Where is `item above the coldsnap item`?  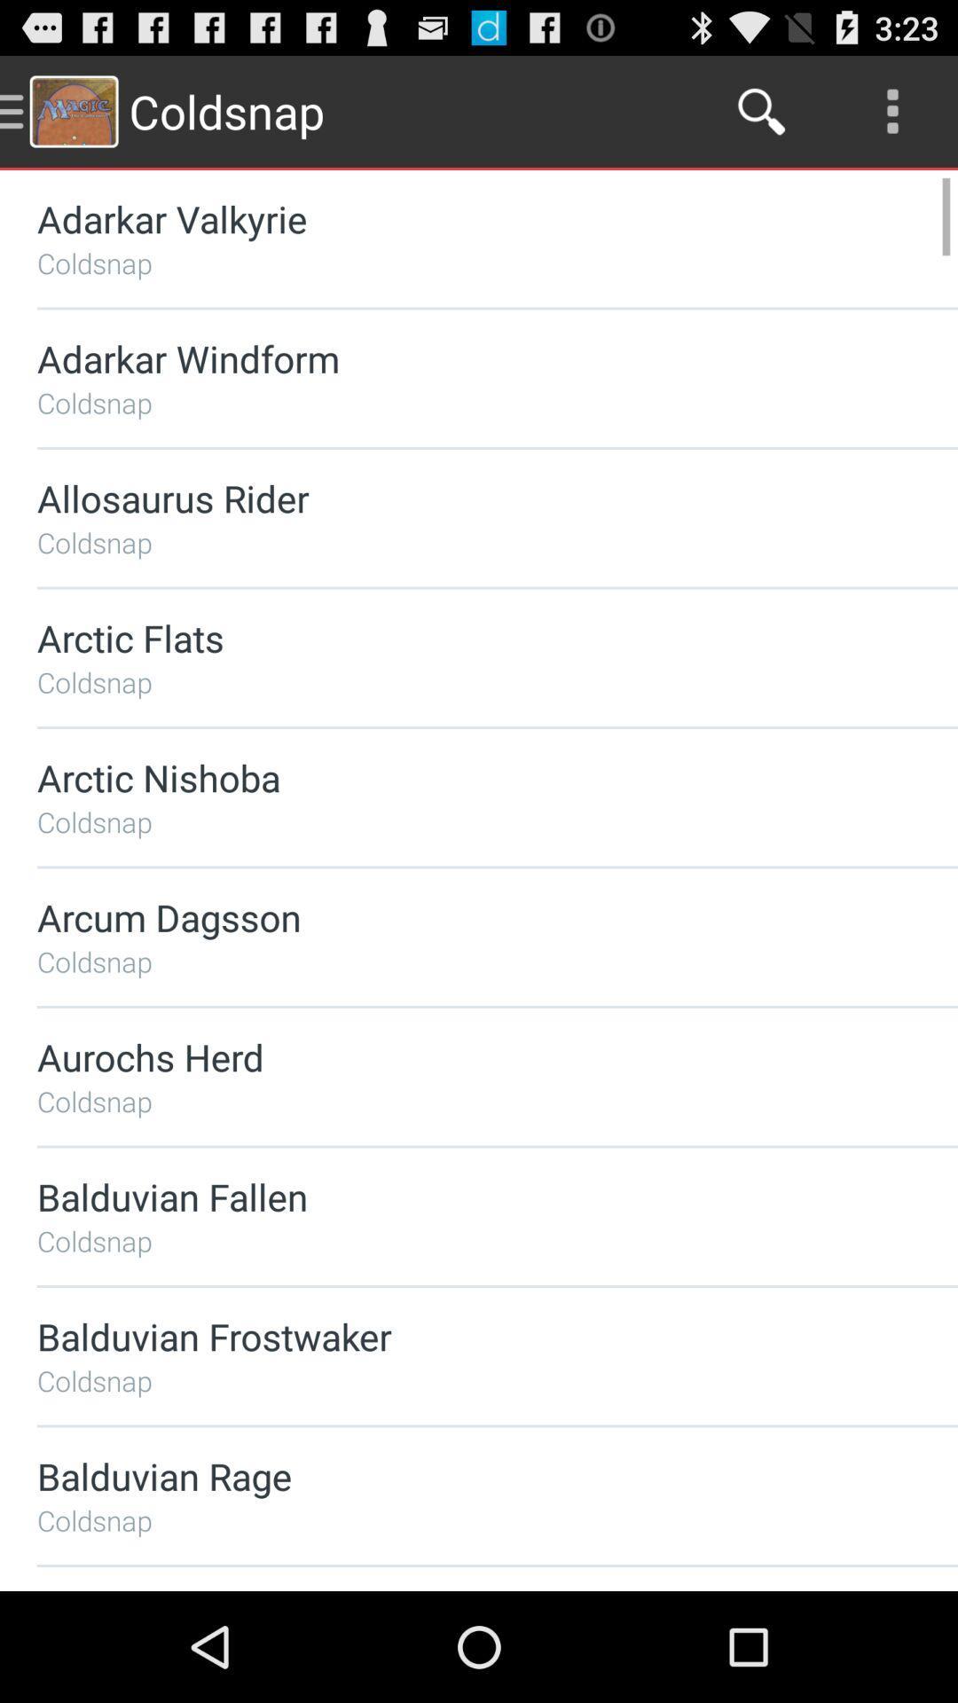
item above the coldsnap item is located at coordinates (450, 497).